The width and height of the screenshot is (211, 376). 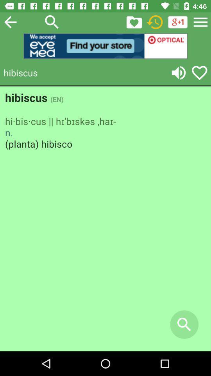 What do you see at coordinates (10, 22) in the screenshot?
I see `go back` at bounding box center [10, 22].